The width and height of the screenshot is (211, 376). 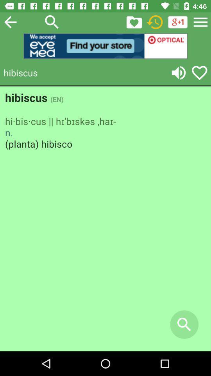 What do you see at coordinates (10, 22) in the screenshot?
I see `go back` at bounding box center [10, 22].